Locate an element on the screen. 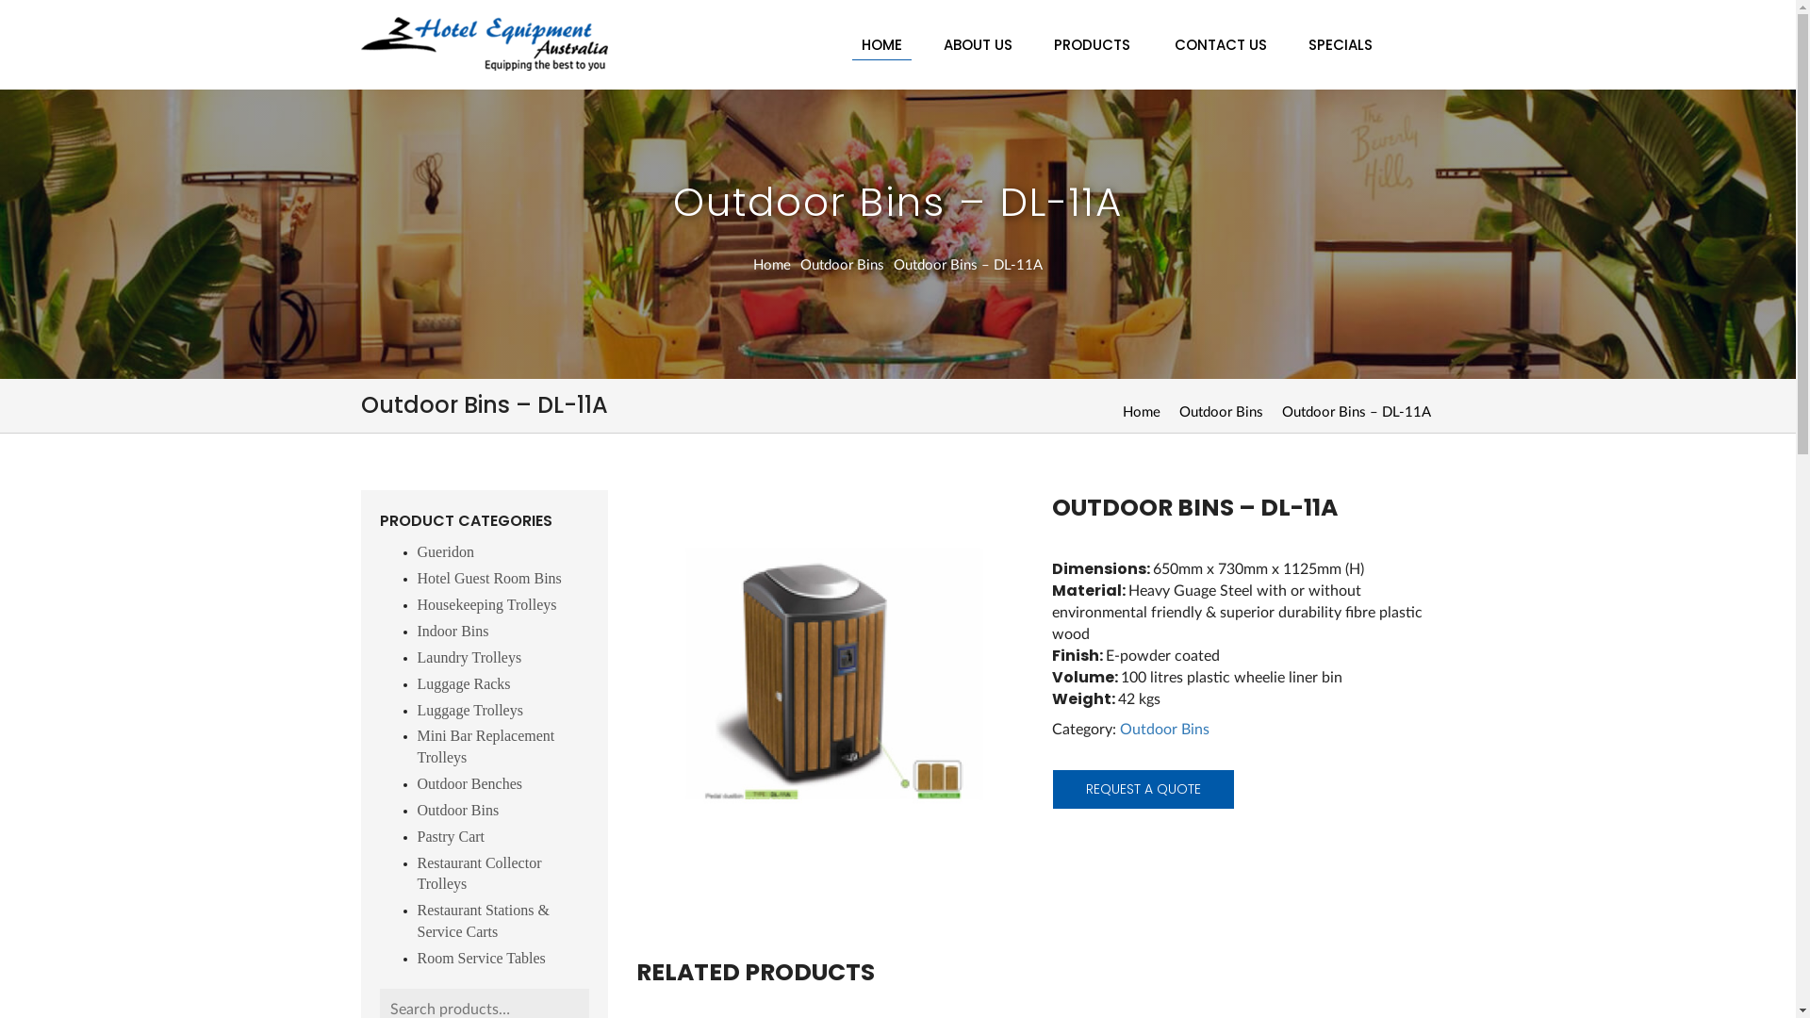 The image size is (1810, 1018). 'Restaurant Collector Trolleys' is located at coordinates (479, 873).